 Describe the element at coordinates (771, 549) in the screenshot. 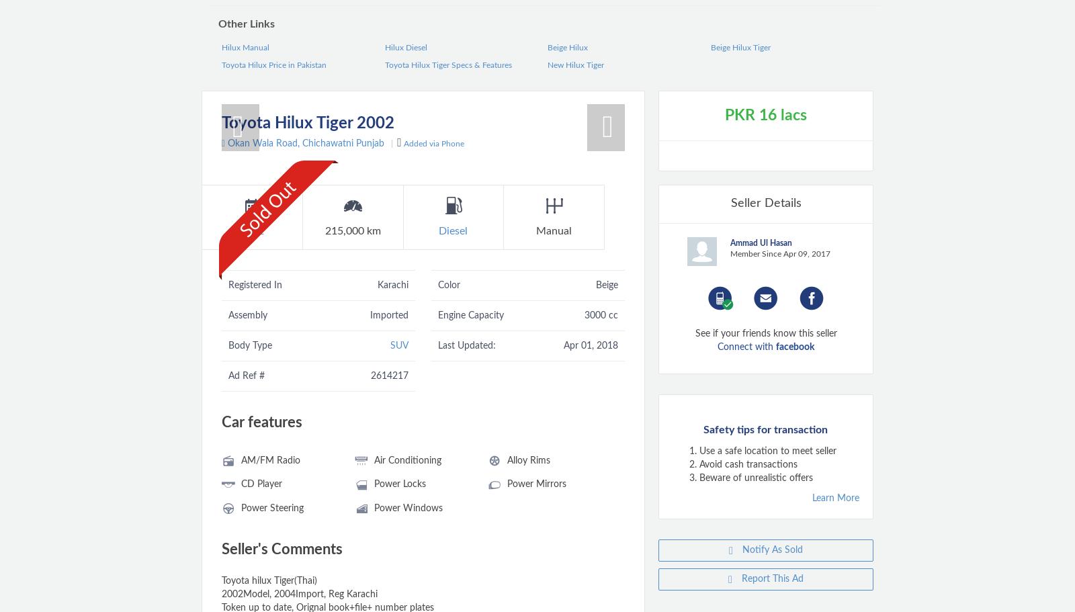

I see `'Notify as Sold'` at that location.